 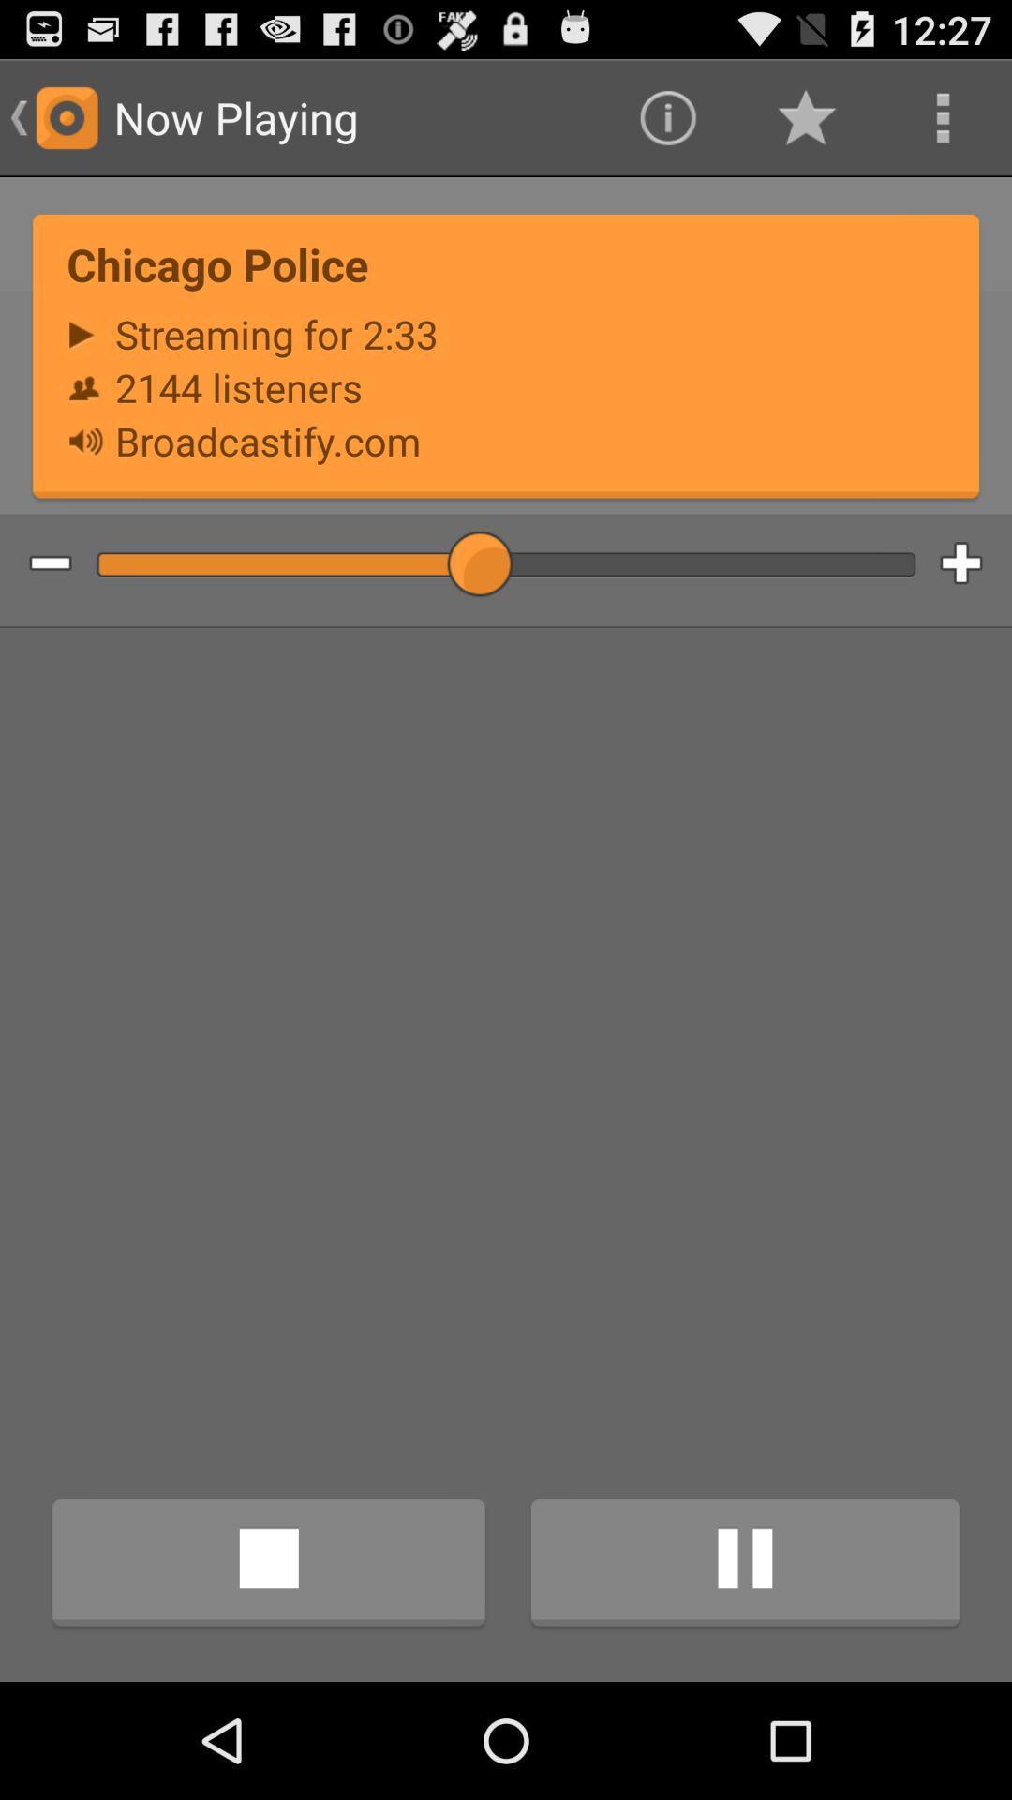 What do you see at coordinates (666, 116) in the screenshot?
I see `the icon next to the now playing app` at bounding box center [666, 116].